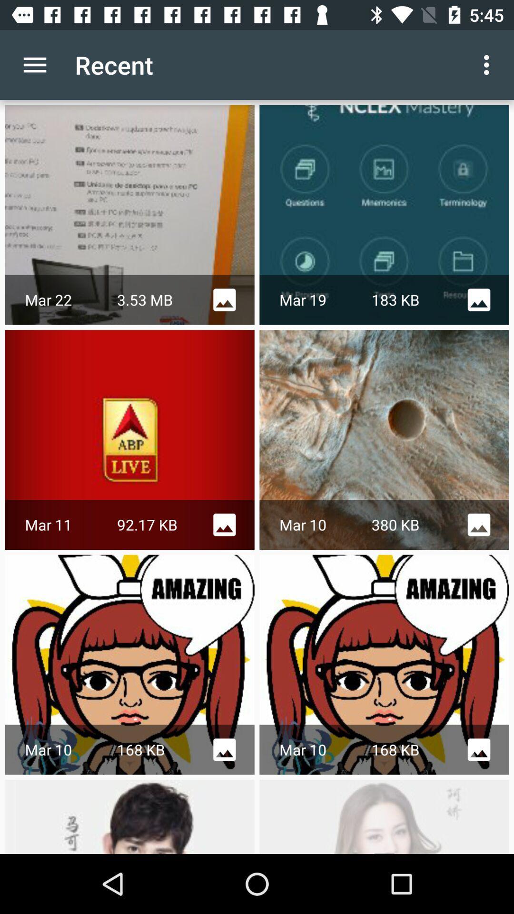 Image resolution: width=514 pixels, height=914 pixels. I want to click on the second row third image, so click(384, 664).